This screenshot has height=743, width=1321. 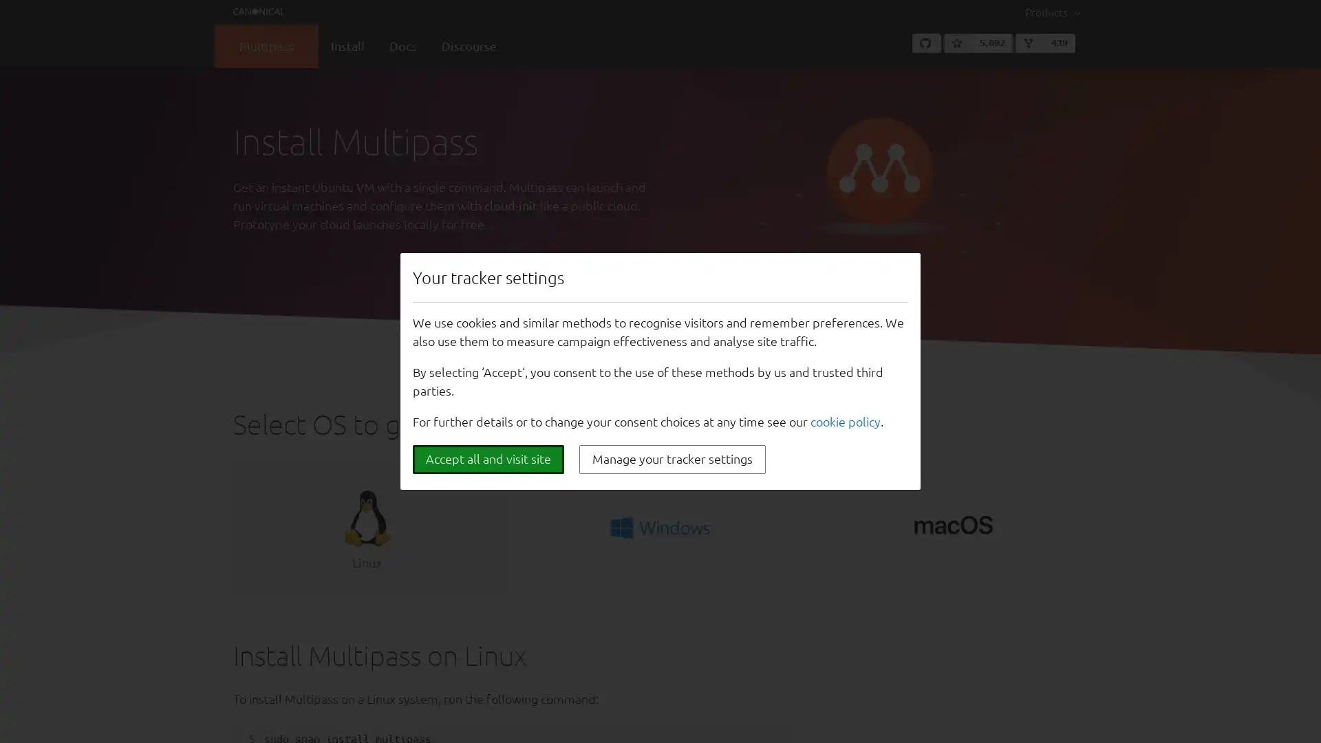 What do you see at coordinates (672, 459) in the screenshot?
I see `Manage your tracker settings` at bounding box center [672, 459].